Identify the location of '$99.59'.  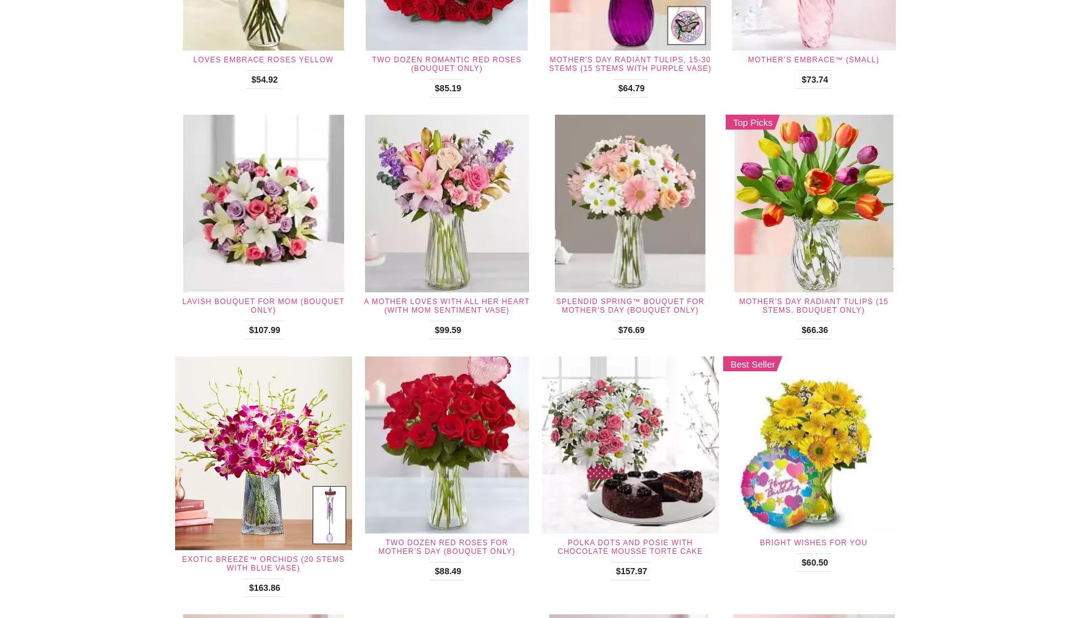
(448, 329).